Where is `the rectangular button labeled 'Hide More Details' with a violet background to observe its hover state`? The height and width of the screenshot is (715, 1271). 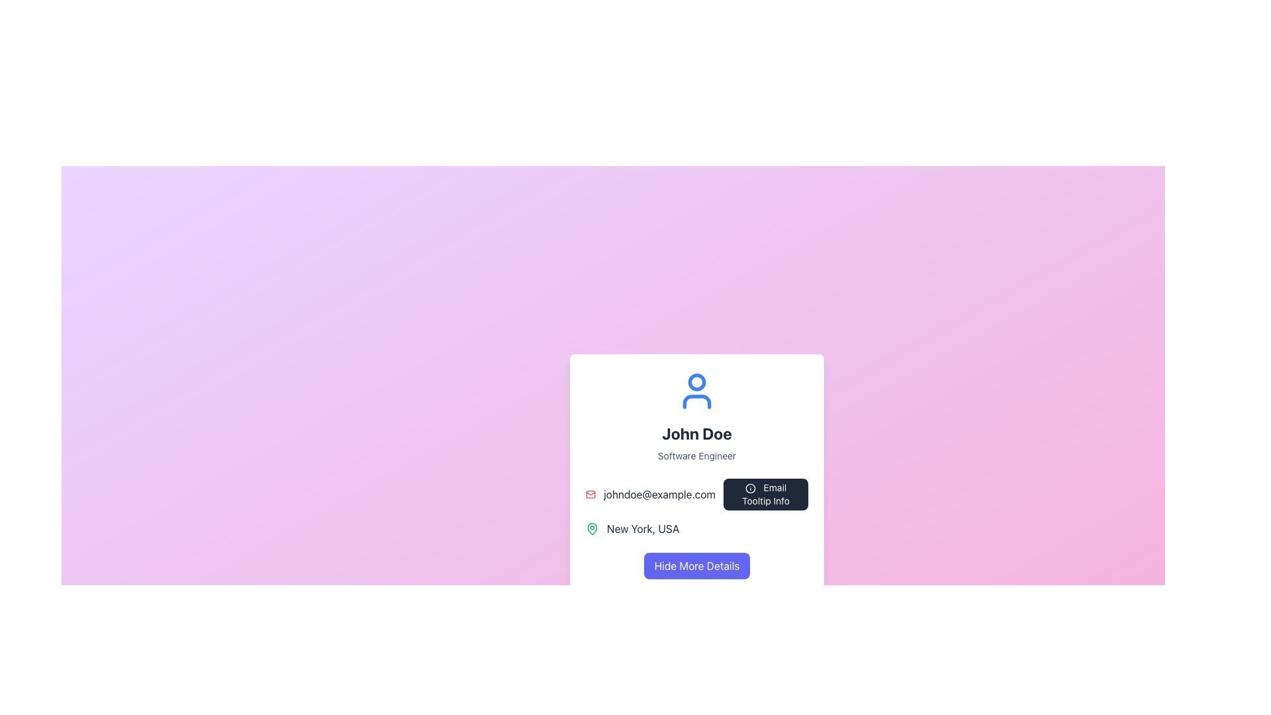
the rectangular button labeled 'Hide More Details' with a violet background to observe its hover state is located at coordinates (696, 566).